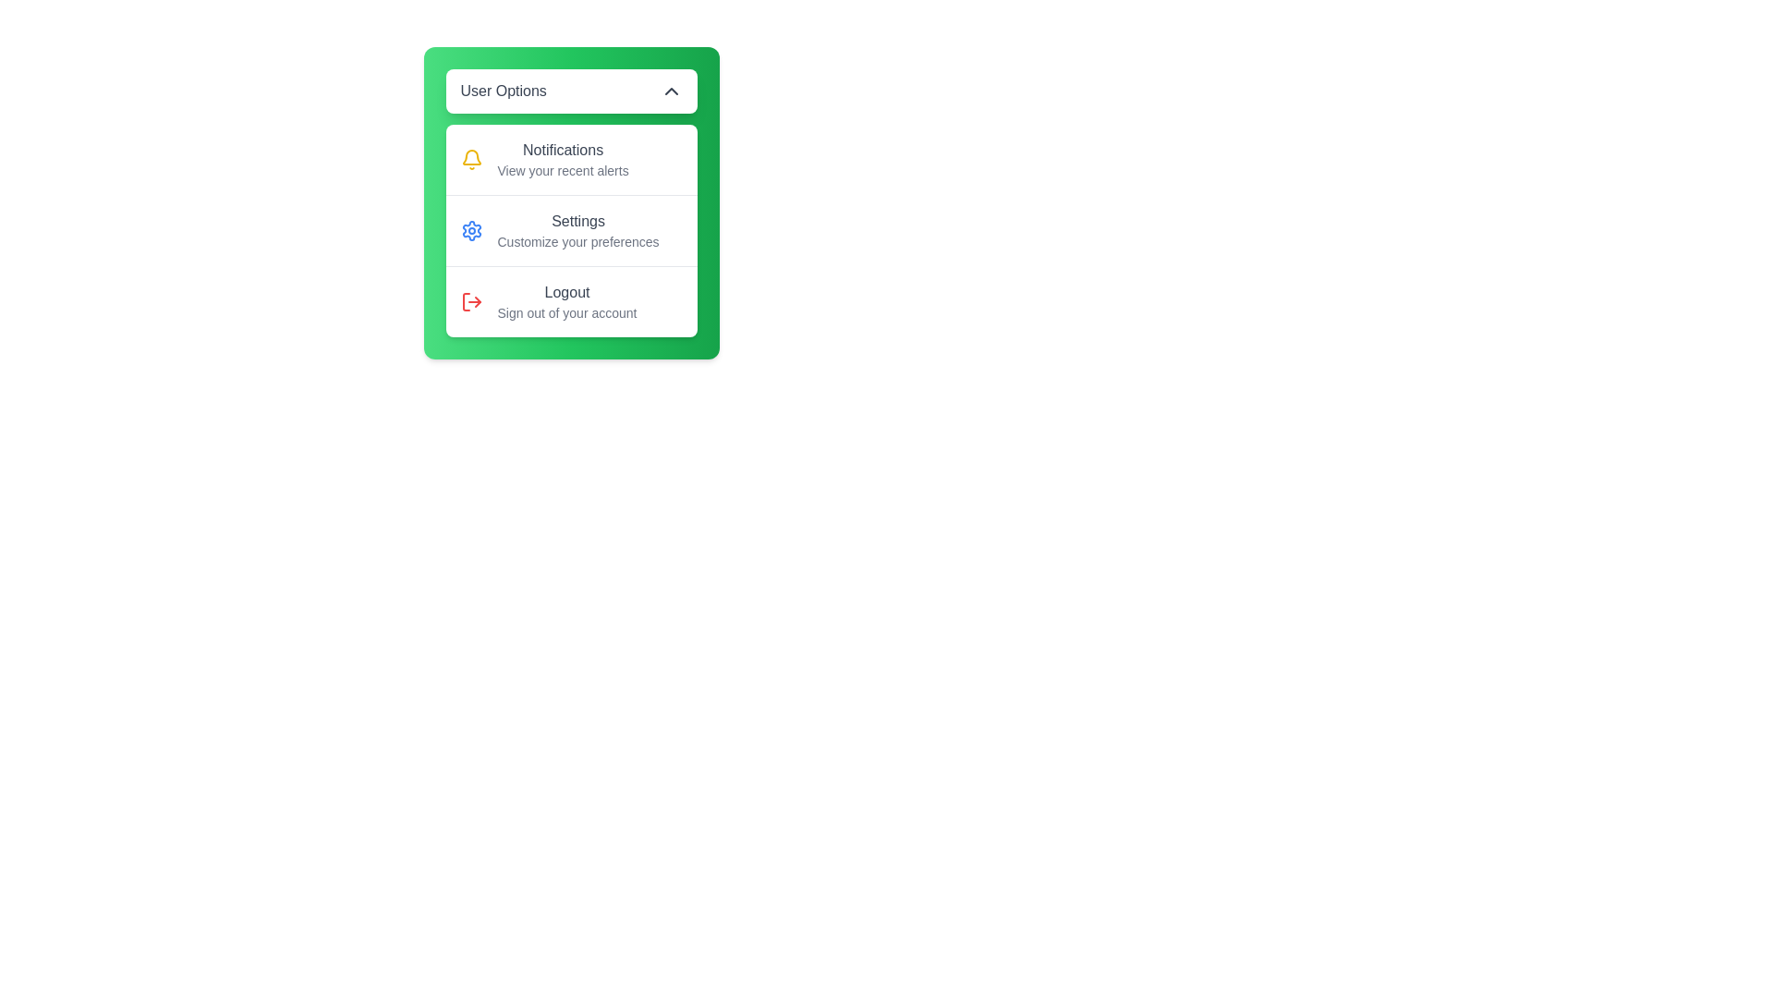 The height and width of the screenshot is (998, 1774). I want to click on the 'Logout' label in the user options menu, which is displayed in gray color and is positioned below the 'Settings' option, so click(566, 291).